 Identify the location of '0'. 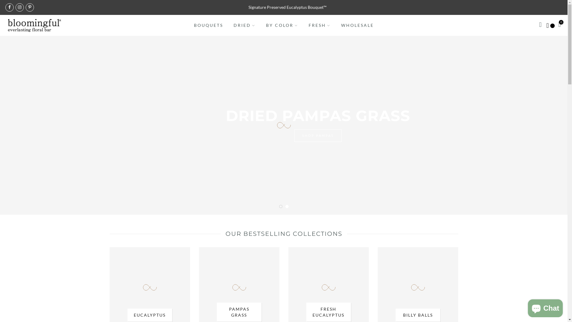
(559, 25).